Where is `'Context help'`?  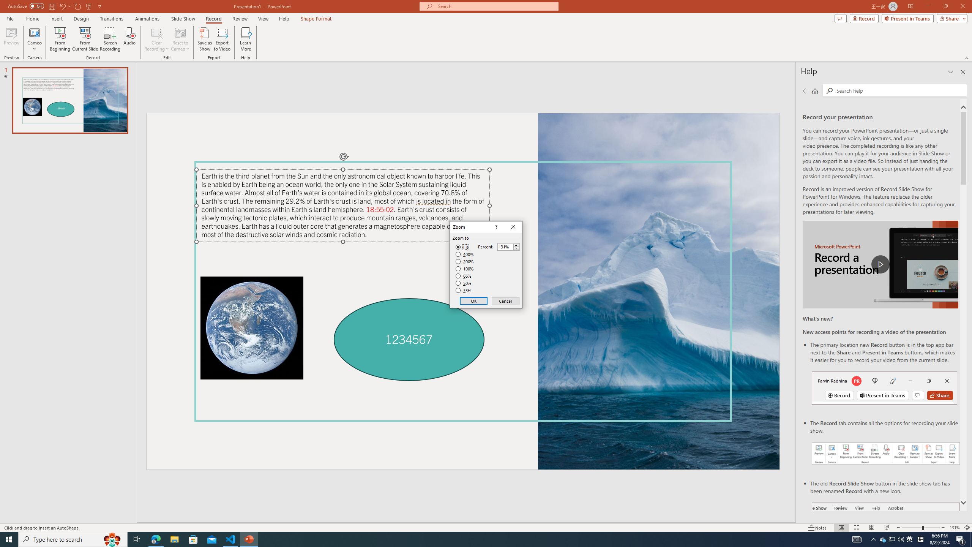
'Context help' is located at coordinates (495, 227).